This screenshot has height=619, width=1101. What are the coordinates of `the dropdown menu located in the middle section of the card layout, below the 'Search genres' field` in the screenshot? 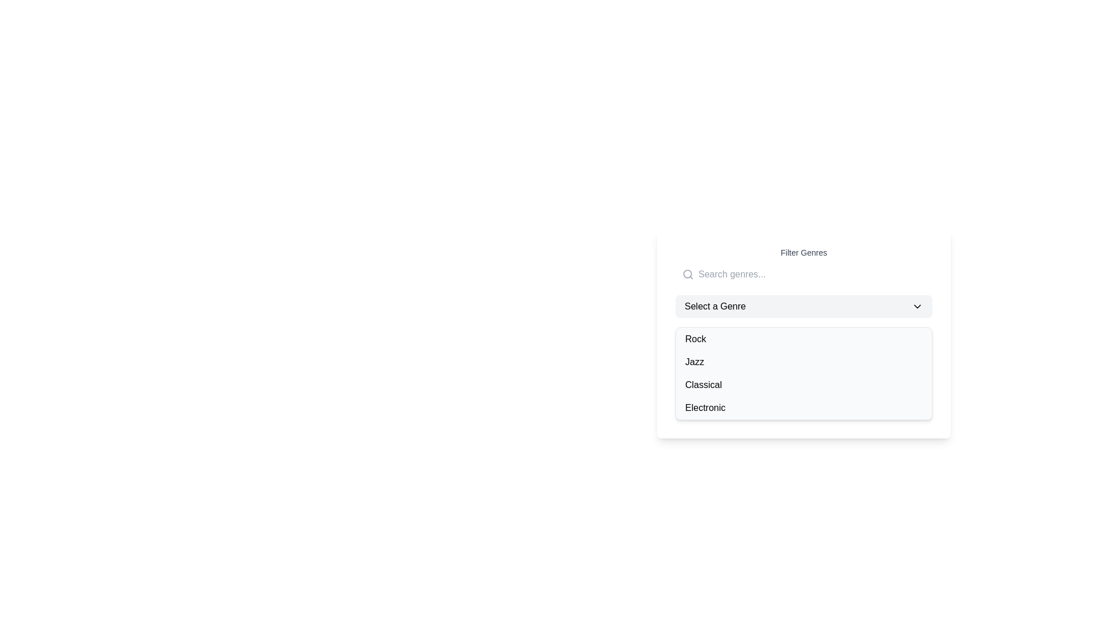 It's located at (803, 306).